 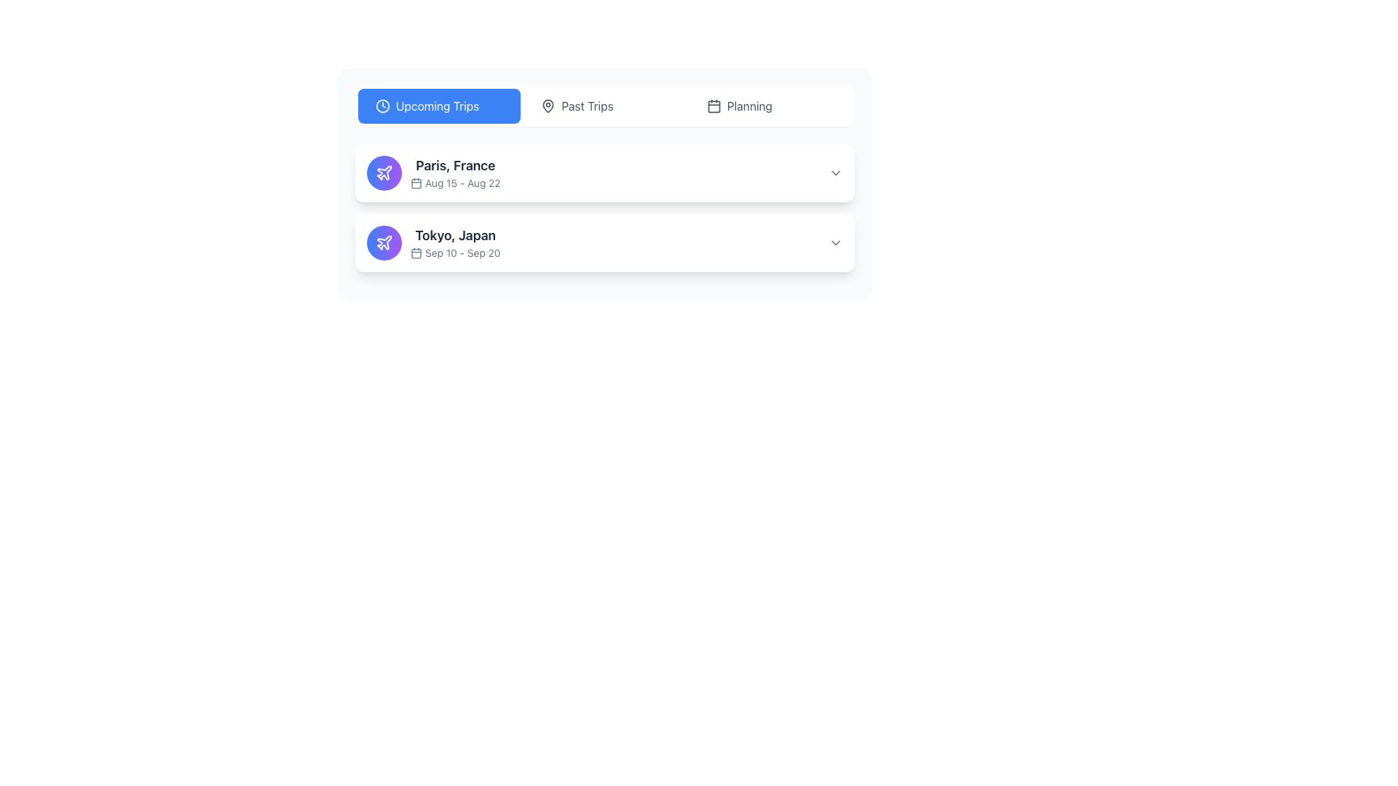 What do you see at coordinates (548, 106) in the screenshot?
I see `the pin-like map location marker icon located to the left of the 'Tokyo, Japan' text in the 'Upcoming Trips' section for further interaction or navigation` at bounding box center [548, 106].